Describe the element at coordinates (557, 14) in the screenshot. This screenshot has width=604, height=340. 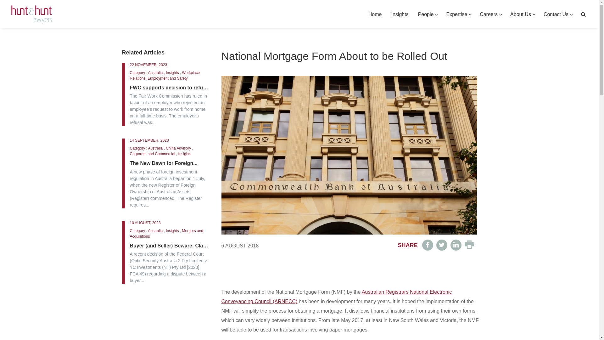
I see `'Contact Us'` at that location.